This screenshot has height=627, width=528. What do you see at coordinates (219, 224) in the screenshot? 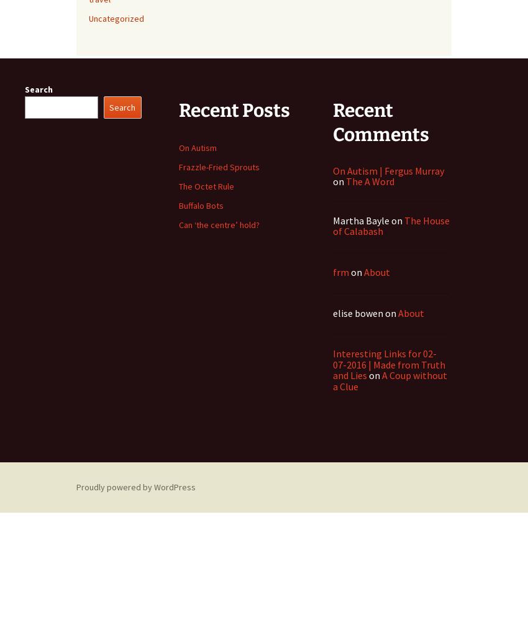
I see `'Can ‘the centre’ hold?'` at bounding box center [219, 224].